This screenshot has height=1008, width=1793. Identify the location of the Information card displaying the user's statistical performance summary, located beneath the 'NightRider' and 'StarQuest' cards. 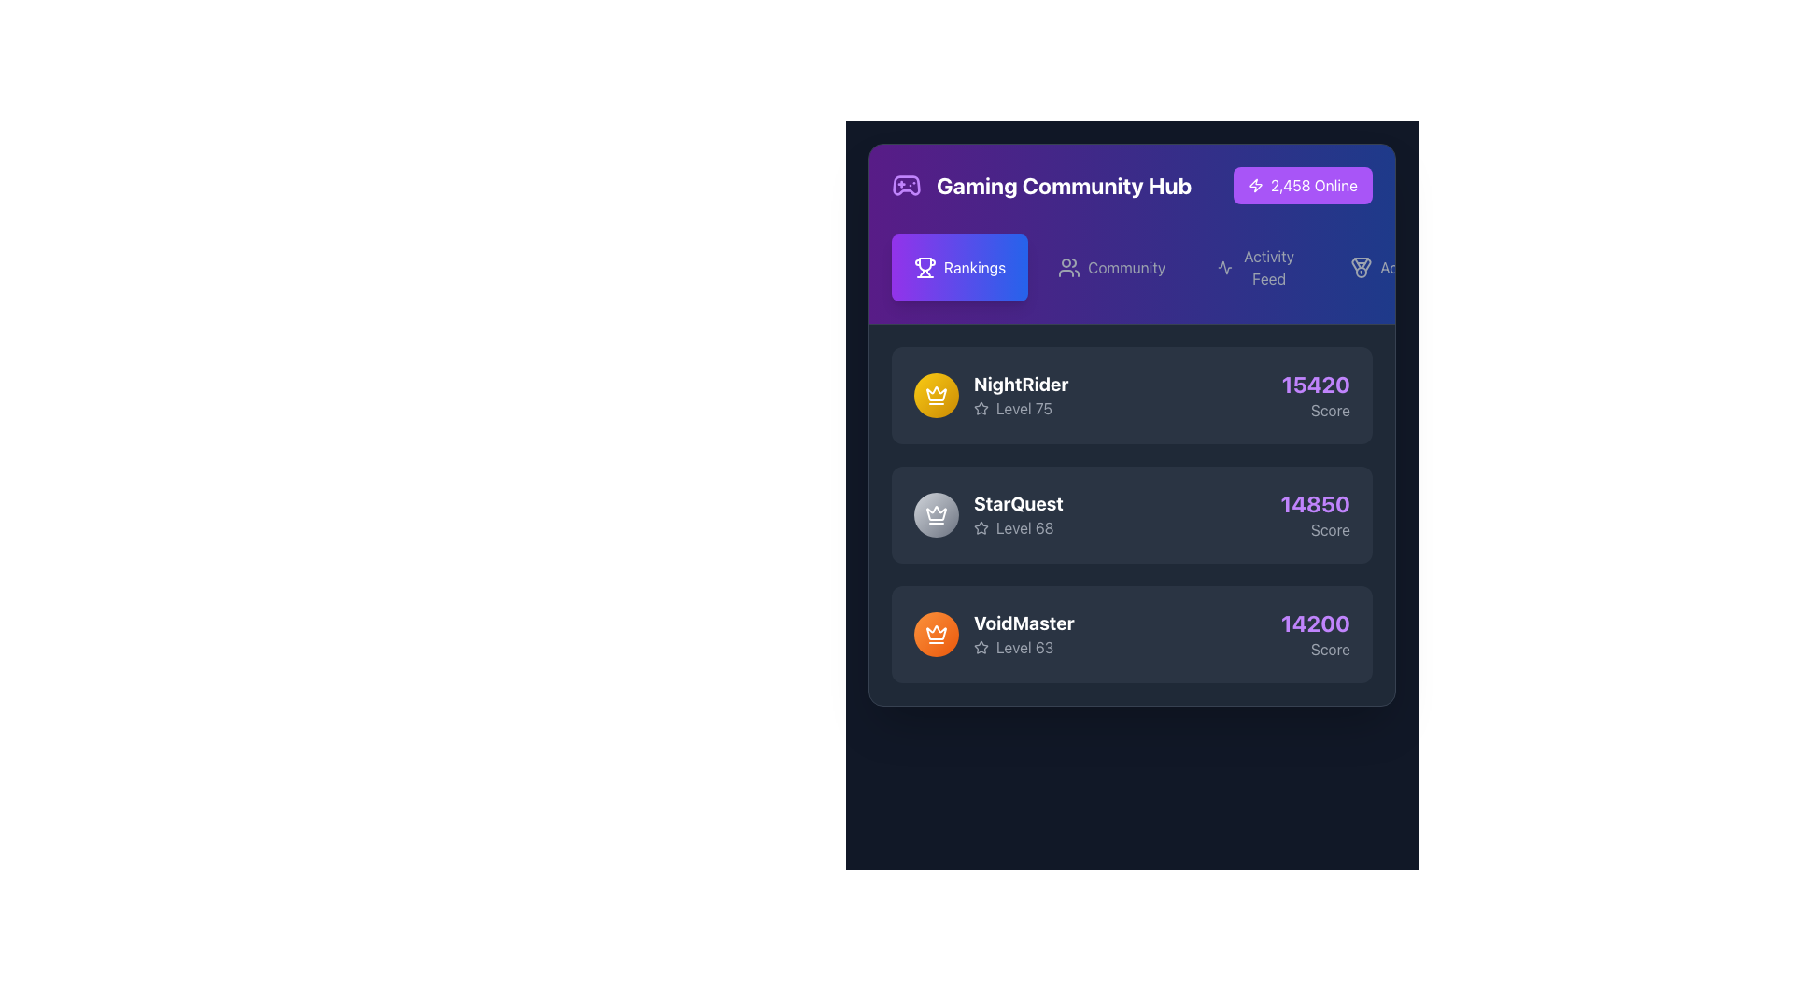
(1131, 633).